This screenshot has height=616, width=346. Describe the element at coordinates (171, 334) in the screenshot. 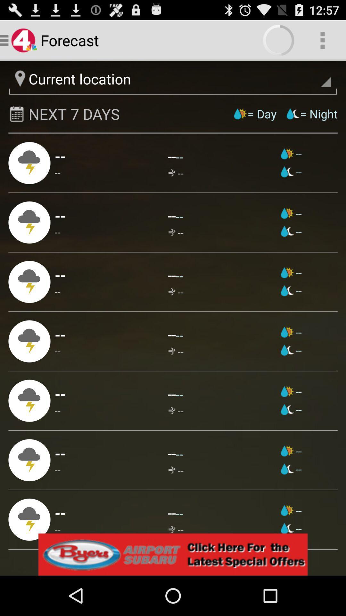

I see `the icon to the right of the -- app` at that location.